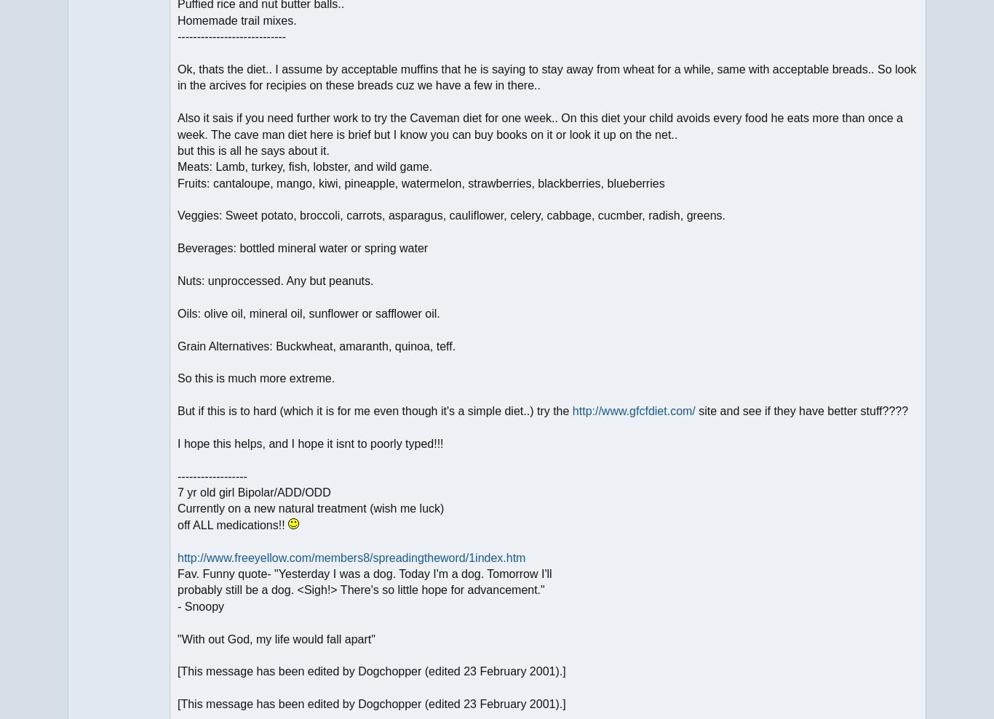 Image resolution: width=994 pixels, height=719 pixels. Describe the element at coordinates (200, 606) in the screenshot. I see `'- Snoopy'` at that location.